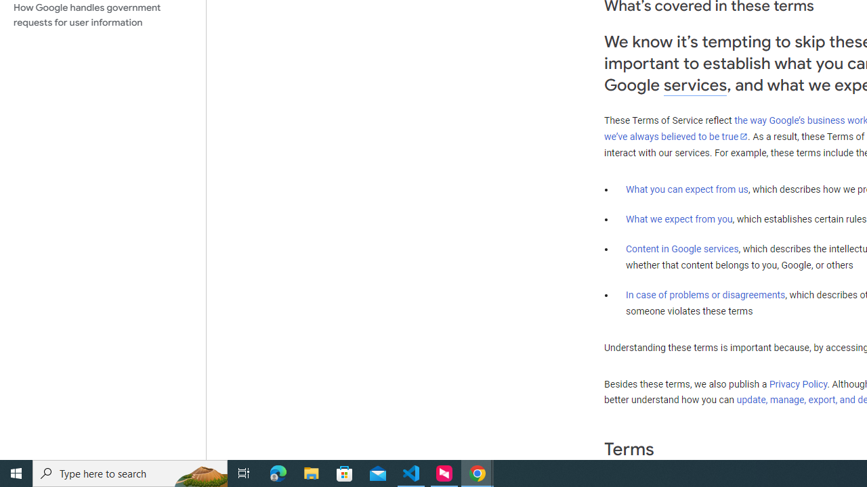 The width and height of the screenshot is (867, 487). What do you see at coordinates (679, 218) in the screenshot?
I see `'What we expect from you'` at bounding box center [679, 218].